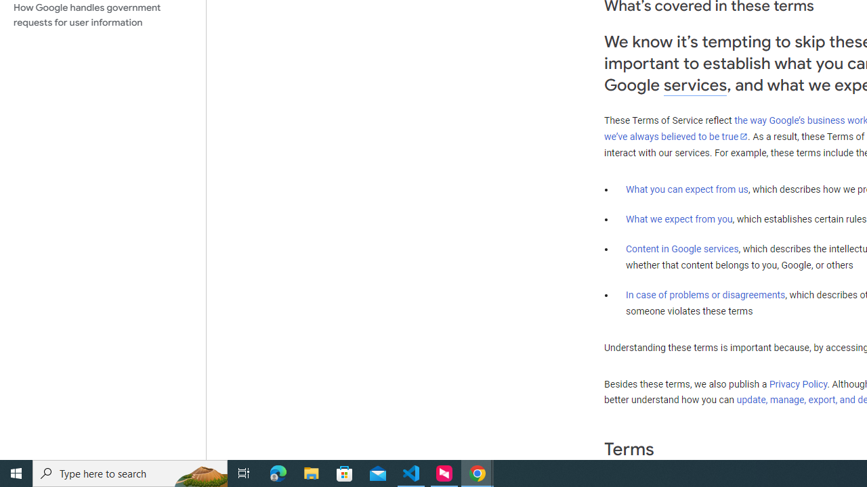 The width and height of the screenshot is (867, 487). What do you see at coordinates (679, 218) in the screenshot?
I see `'What we expect from you'` at bounding box center [679, 218].